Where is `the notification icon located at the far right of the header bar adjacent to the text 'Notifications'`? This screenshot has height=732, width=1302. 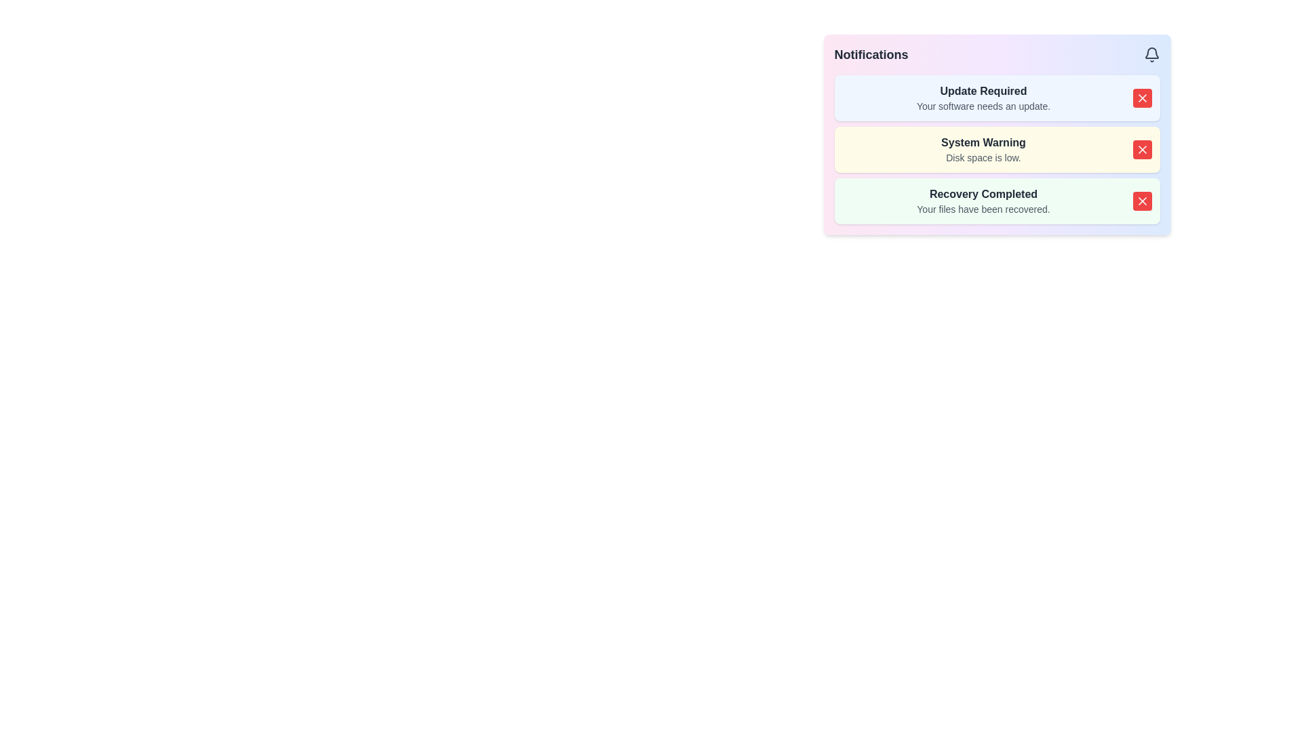 the notification icon located at the far right of the header bar adjacent to the text 'Notifications' is located at coordinates (1151, 54).